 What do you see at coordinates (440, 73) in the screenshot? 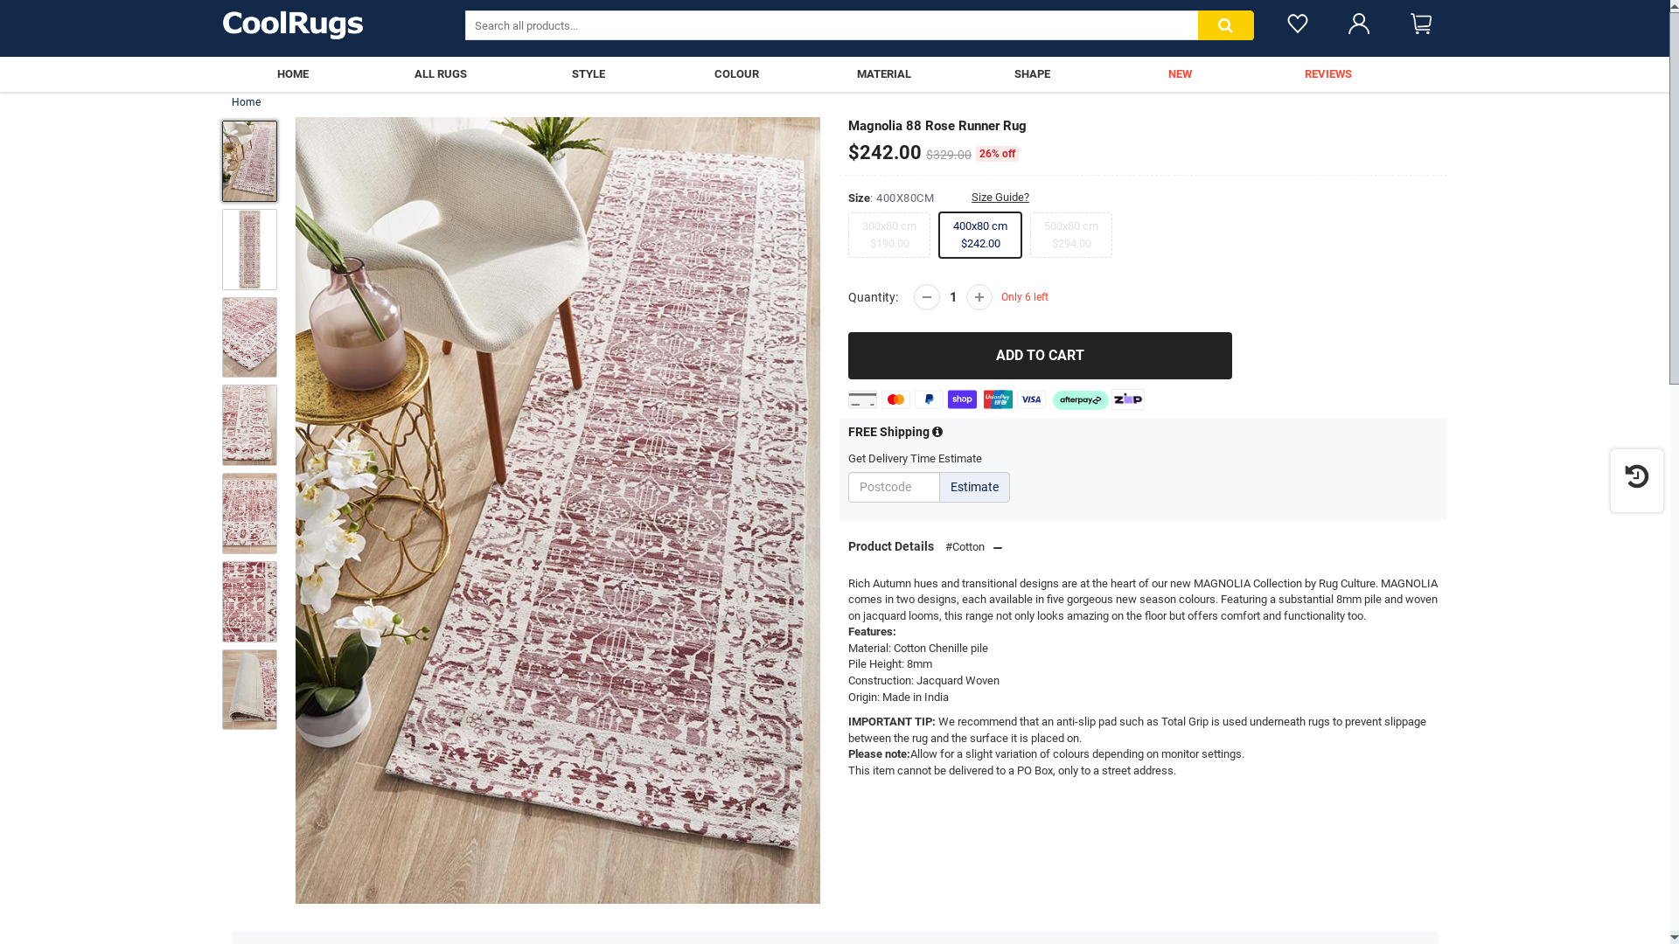
I see `'ALL RUGS'` at bounding box center [440, 73].